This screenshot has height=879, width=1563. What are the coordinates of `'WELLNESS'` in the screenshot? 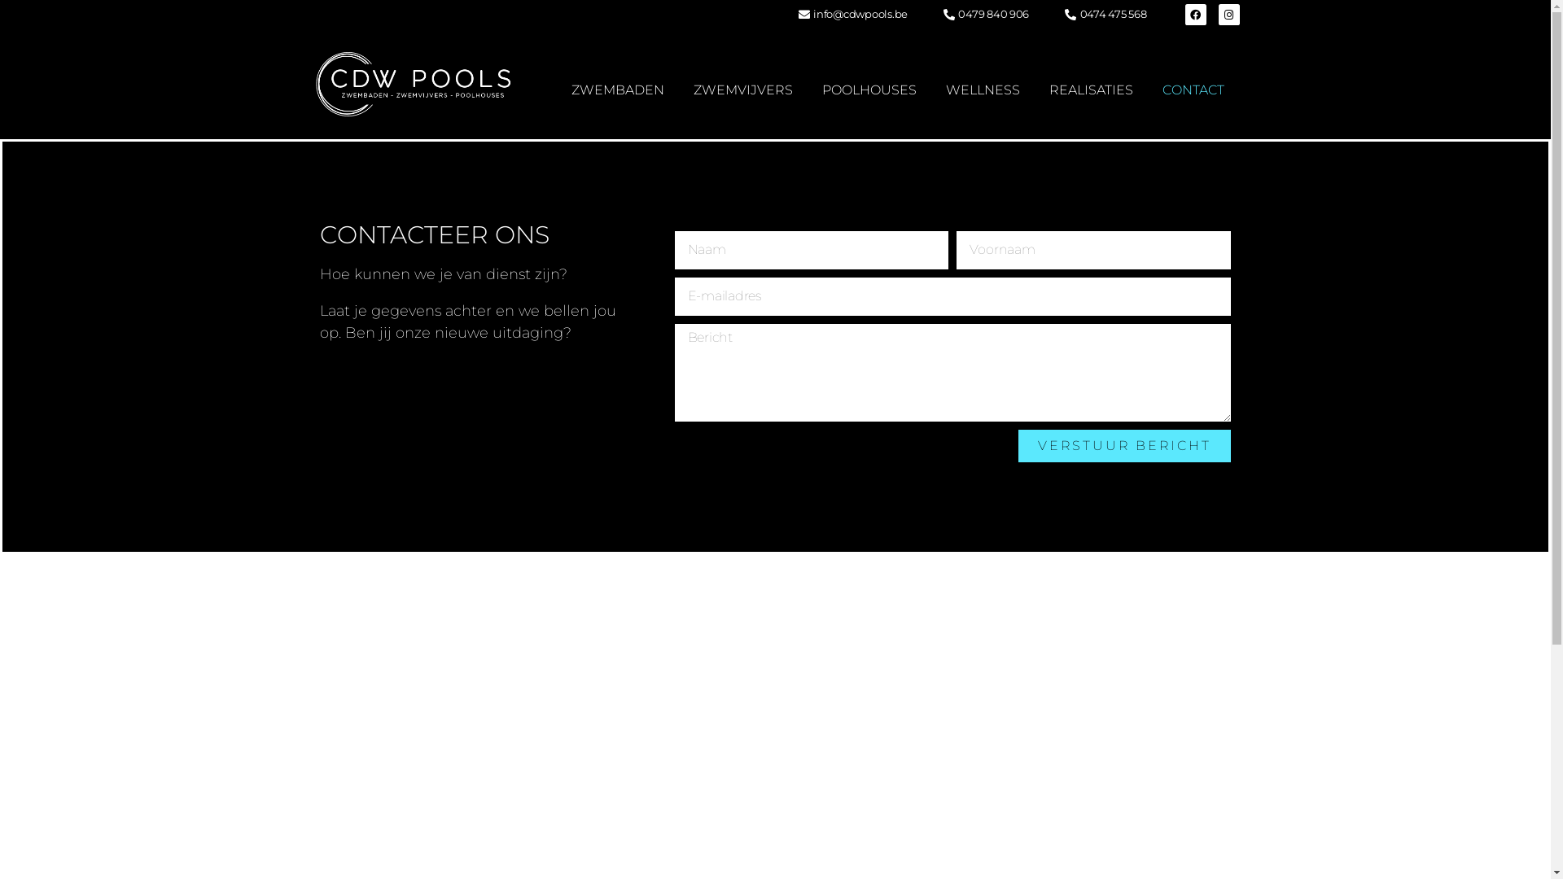 It's located at (982, 90).